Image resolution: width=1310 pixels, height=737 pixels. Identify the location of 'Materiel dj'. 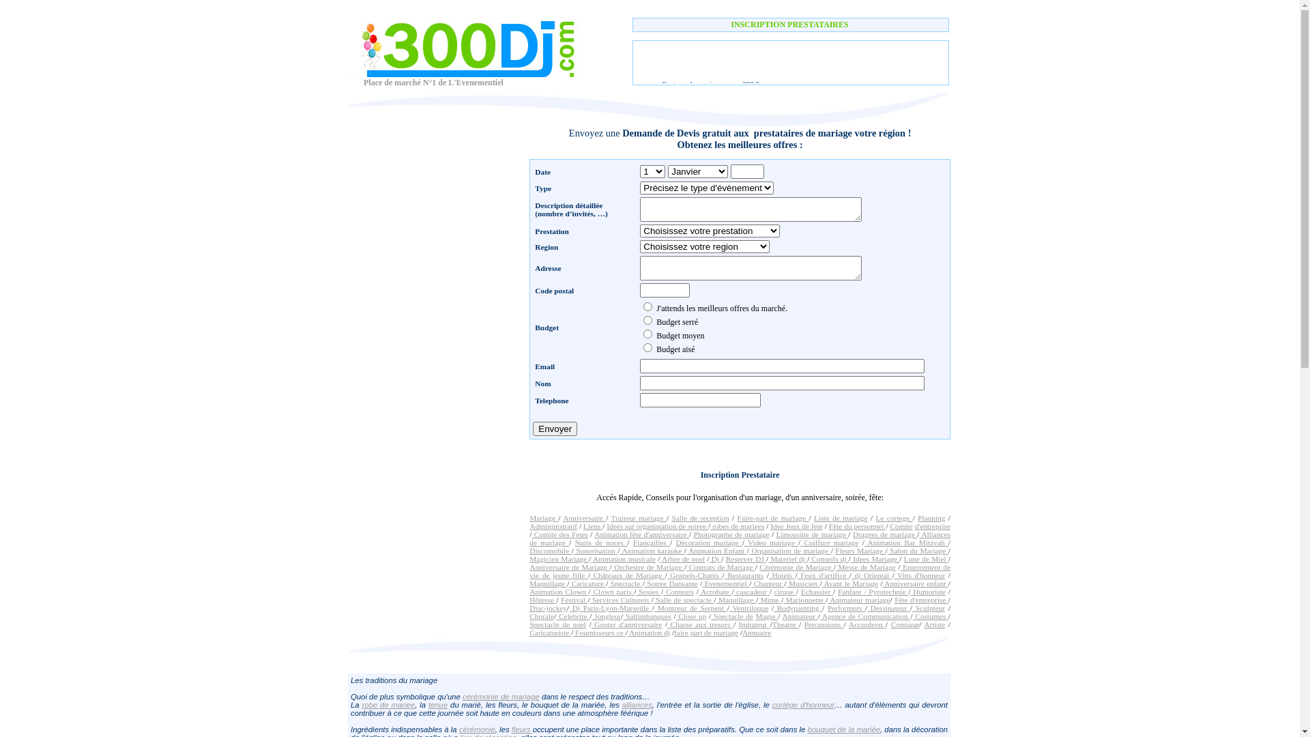
(787, 558).